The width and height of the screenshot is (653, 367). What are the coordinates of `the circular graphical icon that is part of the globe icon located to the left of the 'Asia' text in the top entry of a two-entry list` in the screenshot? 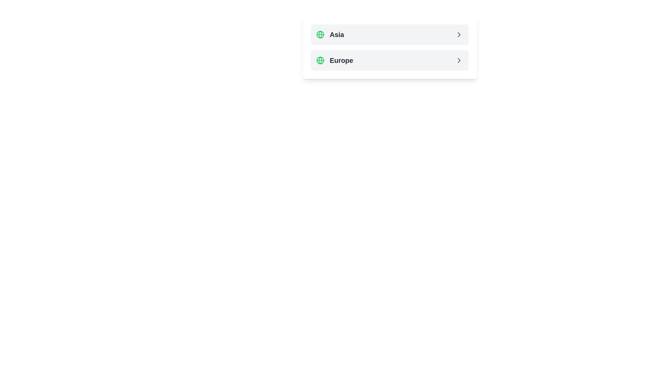 It's located at (320, 60).